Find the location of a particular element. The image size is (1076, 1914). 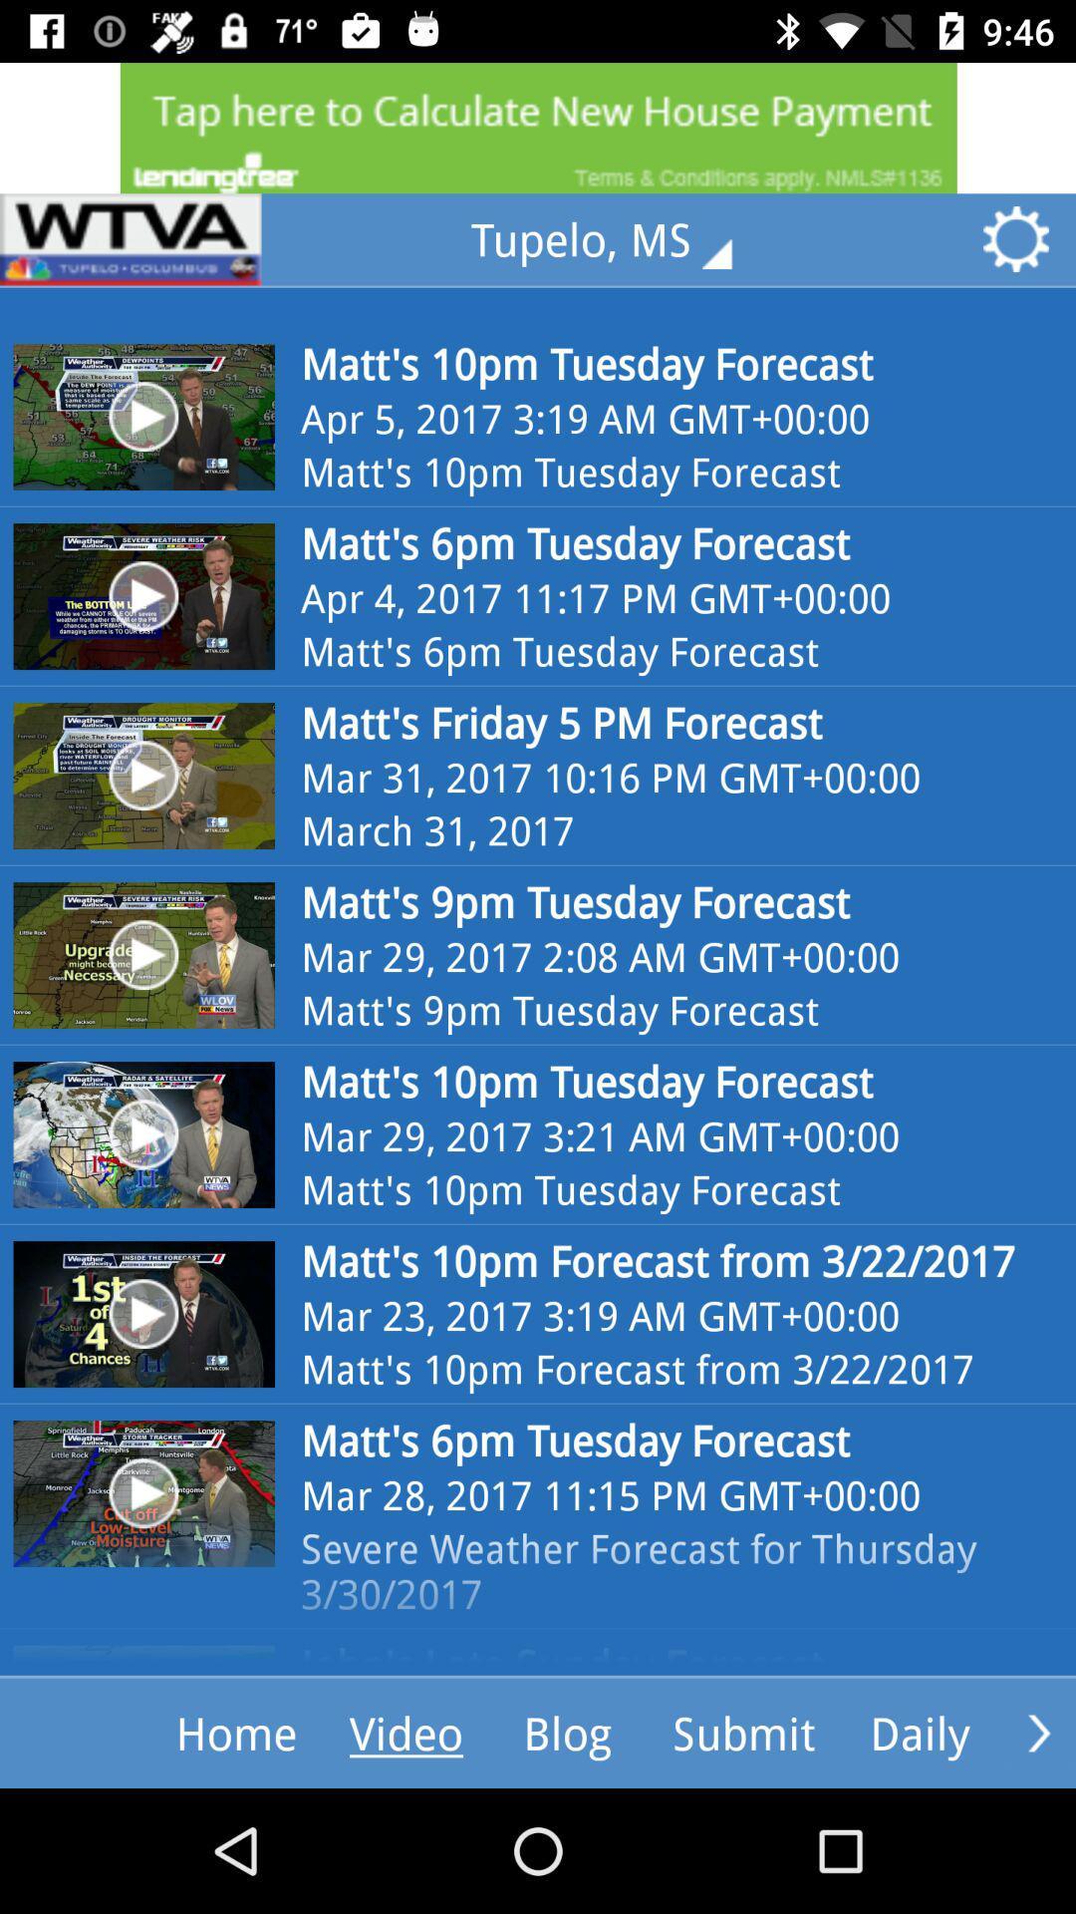

click on advertisement is located at coordinates (538, 127).